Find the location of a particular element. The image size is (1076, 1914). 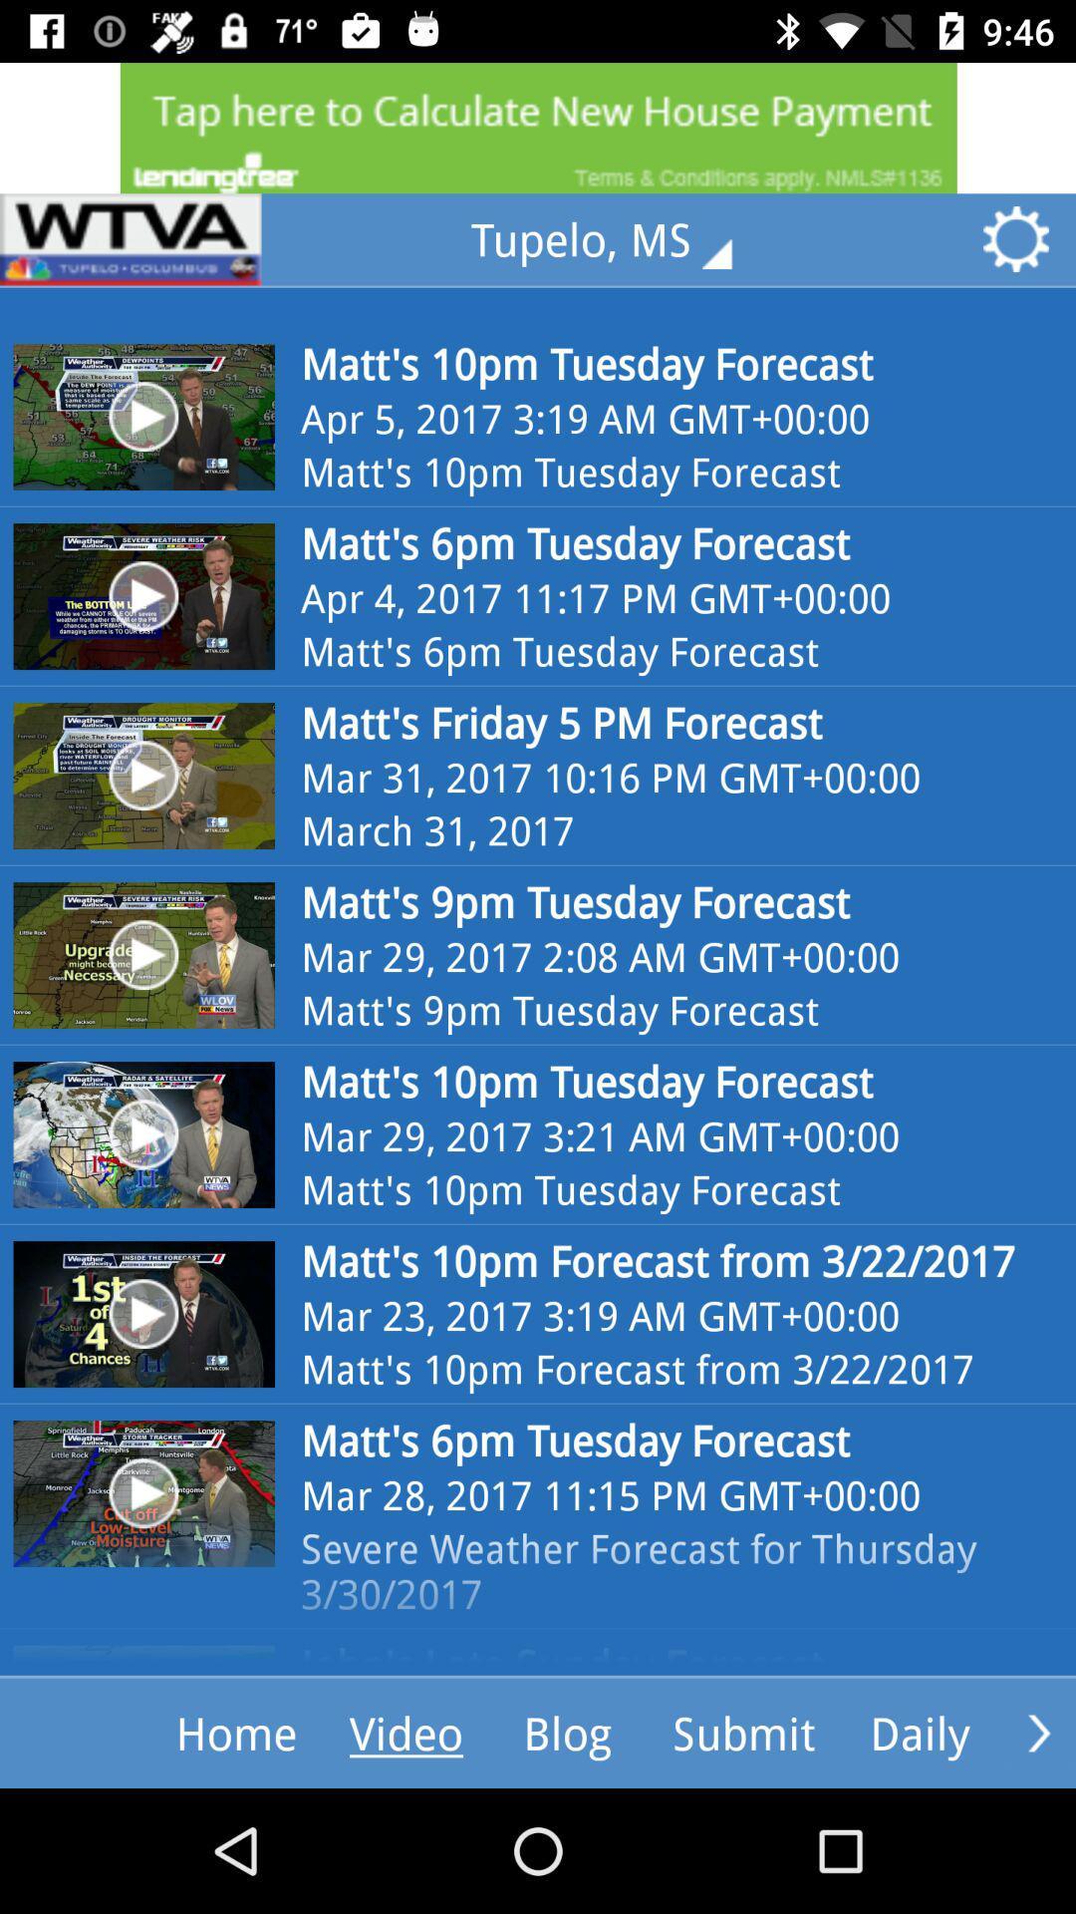

click on advertisement is located at coordinates (538, 127).